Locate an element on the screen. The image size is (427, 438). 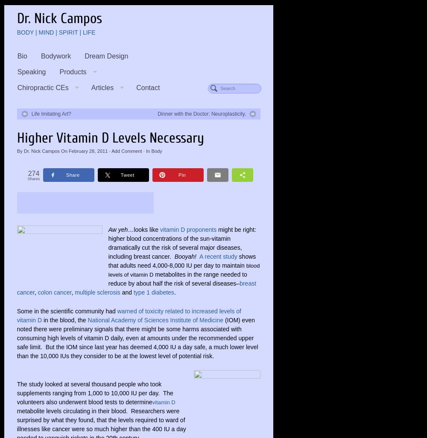
'274' is located at coordinates (33, 172).